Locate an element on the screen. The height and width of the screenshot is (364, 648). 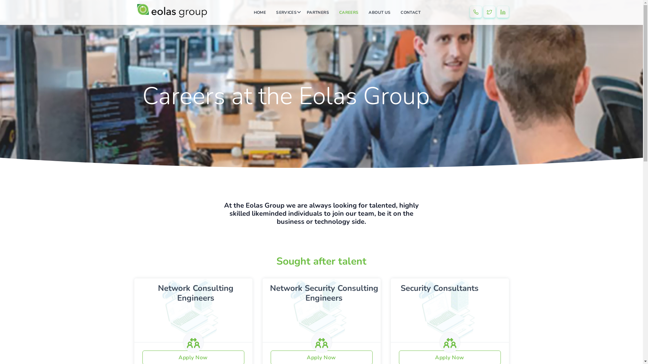
'  Security Consultants  ' is located at coordinates (395, 288).